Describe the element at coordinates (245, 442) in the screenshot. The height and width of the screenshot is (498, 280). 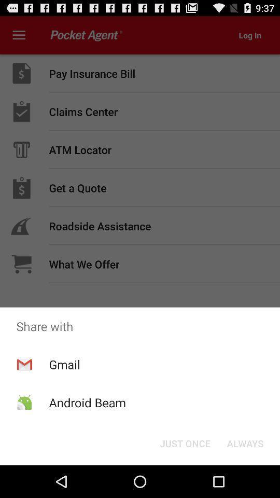
I see `button next to the just once icon` at that location.